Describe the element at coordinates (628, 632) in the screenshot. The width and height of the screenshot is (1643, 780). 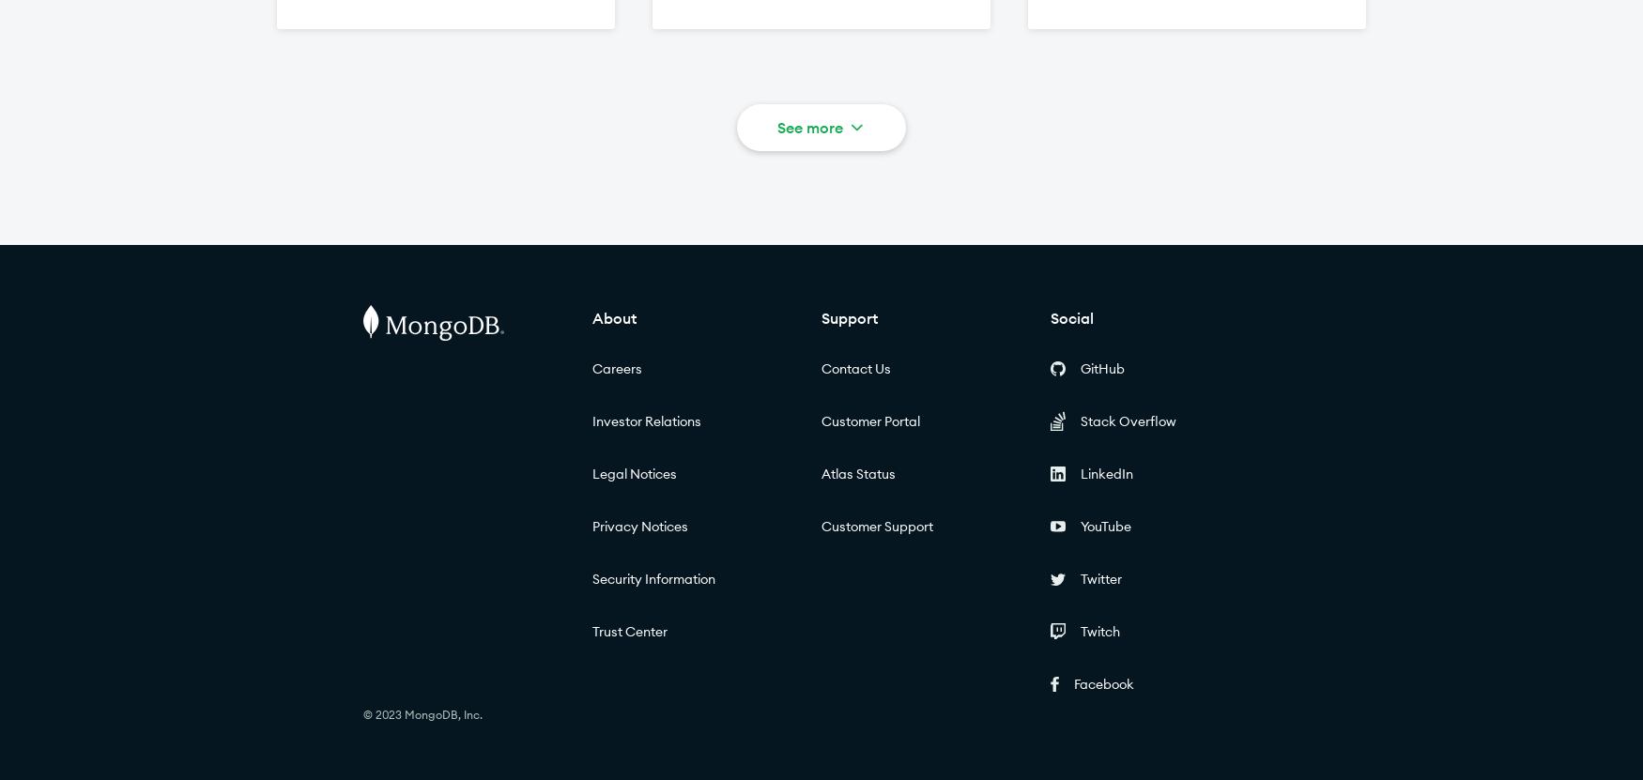
I see `'Trust Center'` at that location.